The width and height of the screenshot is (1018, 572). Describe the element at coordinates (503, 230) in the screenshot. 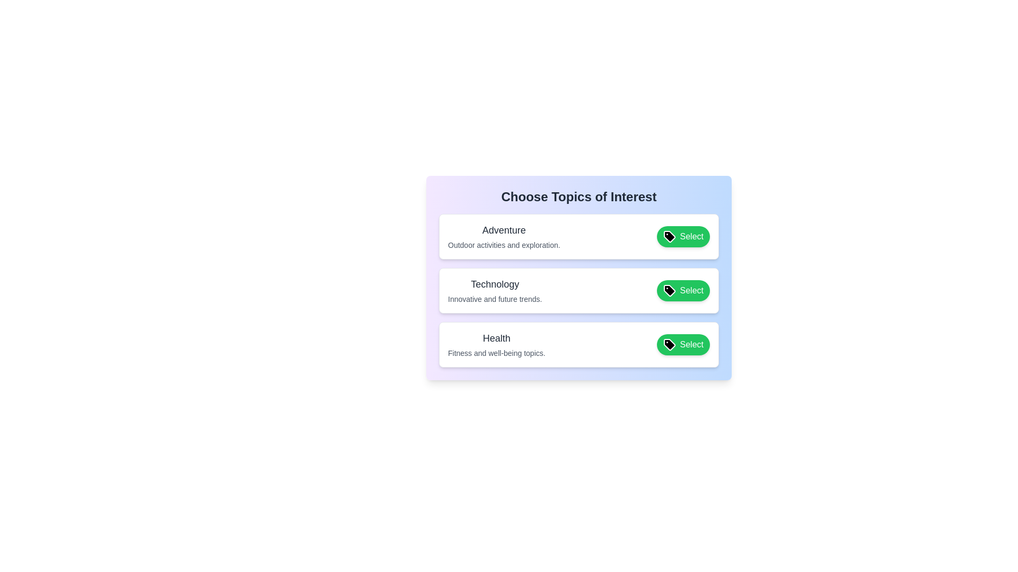

I see `the tag label text for Adventure` at that location.